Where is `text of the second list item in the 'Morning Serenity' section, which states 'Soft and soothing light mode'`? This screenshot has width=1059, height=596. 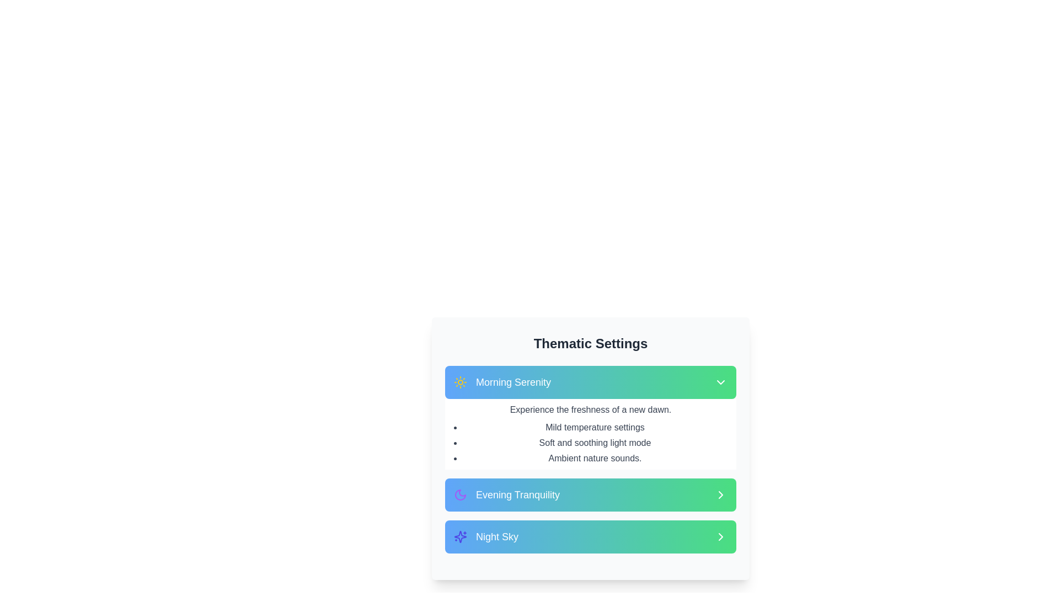
text of the second list item in the 'Morning Serenity' section, which states 'Soft and soothing light mode' is located at coordinates (595, 442).